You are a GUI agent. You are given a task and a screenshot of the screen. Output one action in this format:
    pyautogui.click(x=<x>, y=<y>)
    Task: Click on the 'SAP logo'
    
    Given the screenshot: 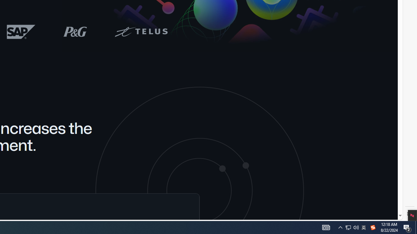 What is the action you would take?
    pyautogui.click(x=21, y=32)
    